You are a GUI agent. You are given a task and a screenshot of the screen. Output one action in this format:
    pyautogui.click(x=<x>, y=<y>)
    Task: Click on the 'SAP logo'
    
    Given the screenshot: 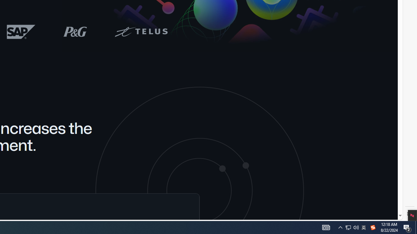 What is the action you would take?
    pyautogui.click(x=21, y=32)
    